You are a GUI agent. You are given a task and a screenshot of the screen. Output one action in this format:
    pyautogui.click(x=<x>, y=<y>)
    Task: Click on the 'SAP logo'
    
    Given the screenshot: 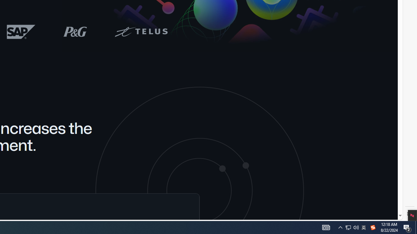 What is the action you would take?
    pyautogui.click(x=21, y=32)
    